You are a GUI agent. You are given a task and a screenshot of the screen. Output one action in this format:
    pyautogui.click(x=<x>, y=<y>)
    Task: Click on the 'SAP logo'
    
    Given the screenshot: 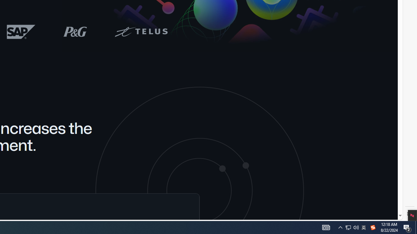 What is the action you would take?
    pyautogui.click(x=21, y=32)
    